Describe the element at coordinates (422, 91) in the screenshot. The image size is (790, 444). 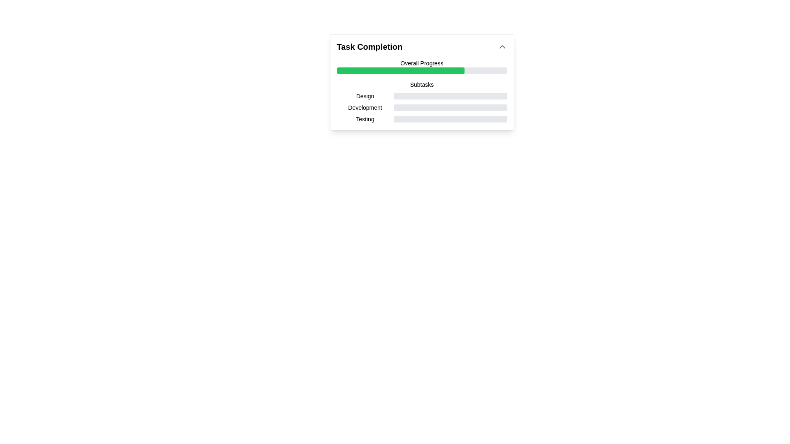
I see `the individual subtasks within the Progress tracker to retrieve detailed information about their completion levels` at that location.